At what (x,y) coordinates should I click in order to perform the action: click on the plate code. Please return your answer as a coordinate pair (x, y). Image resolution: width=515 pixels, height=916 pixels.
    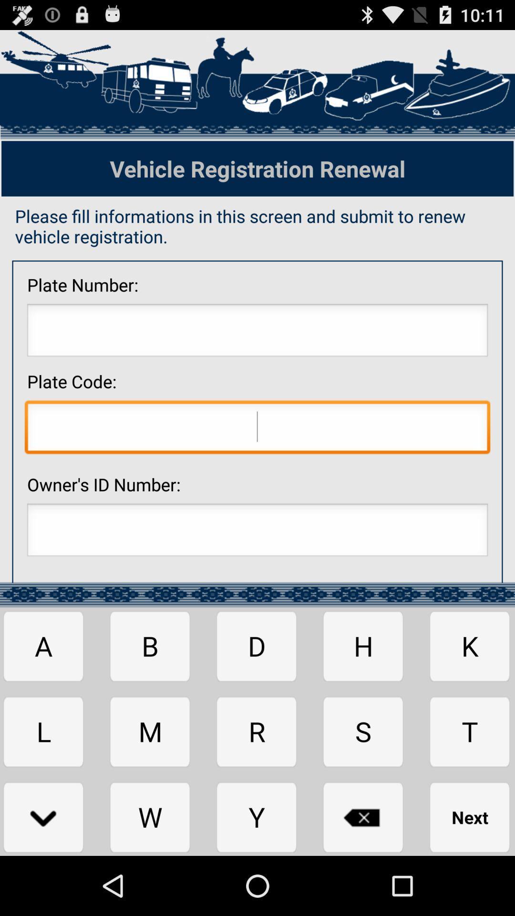
    Looking at the image, I should click on (257, 429).